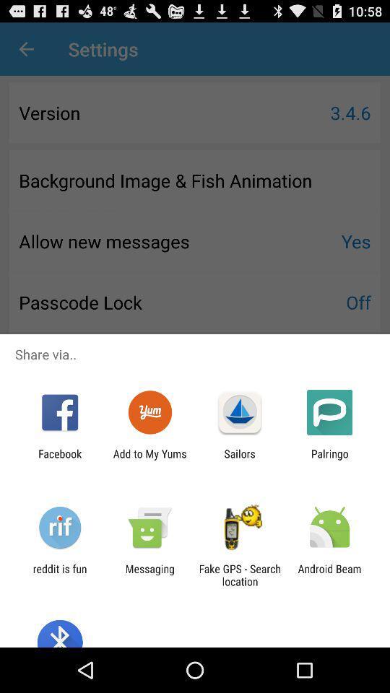  I want to click on the app next to the facebook icon, so click(149, 459).